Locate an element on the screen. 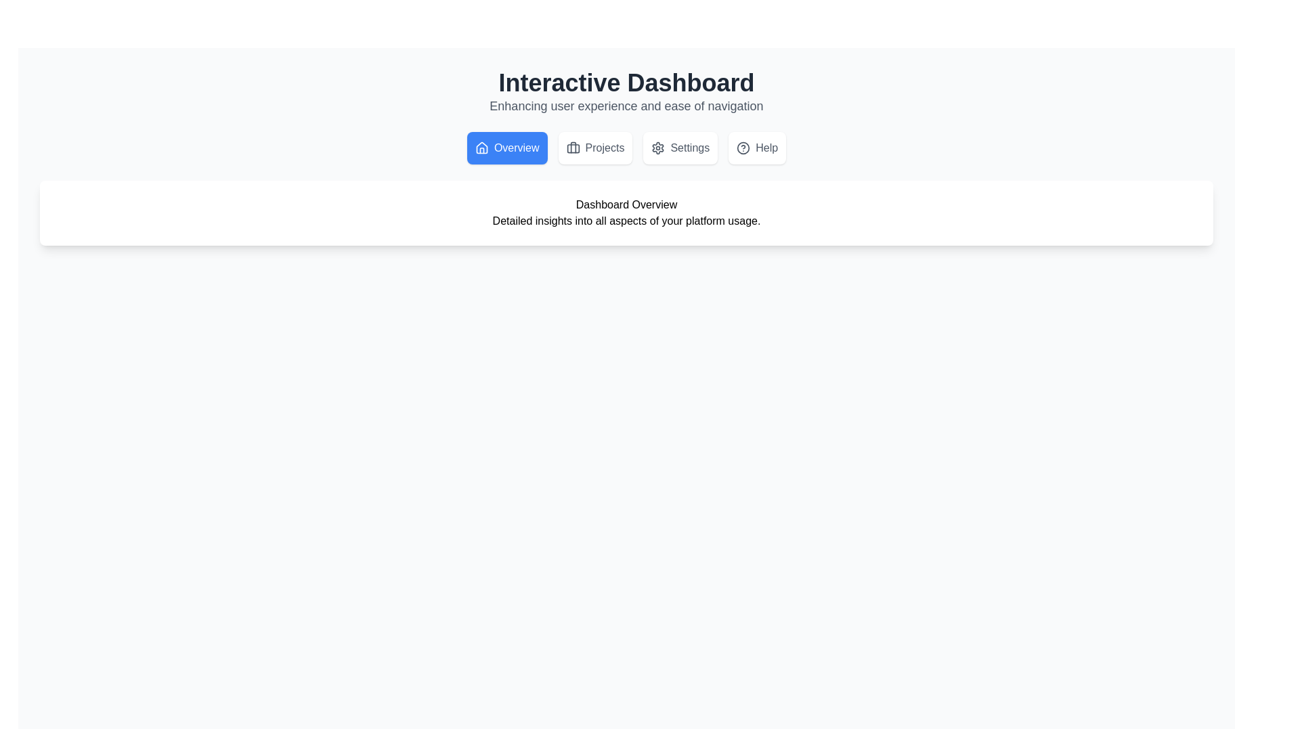 The width and height of the screenshot is (1300, 731). the static text label displaying 'Detailed insights into all aspects of your platform usage.' located below the 'Dashboard Overview' heading is located at coordinates (626, 221).